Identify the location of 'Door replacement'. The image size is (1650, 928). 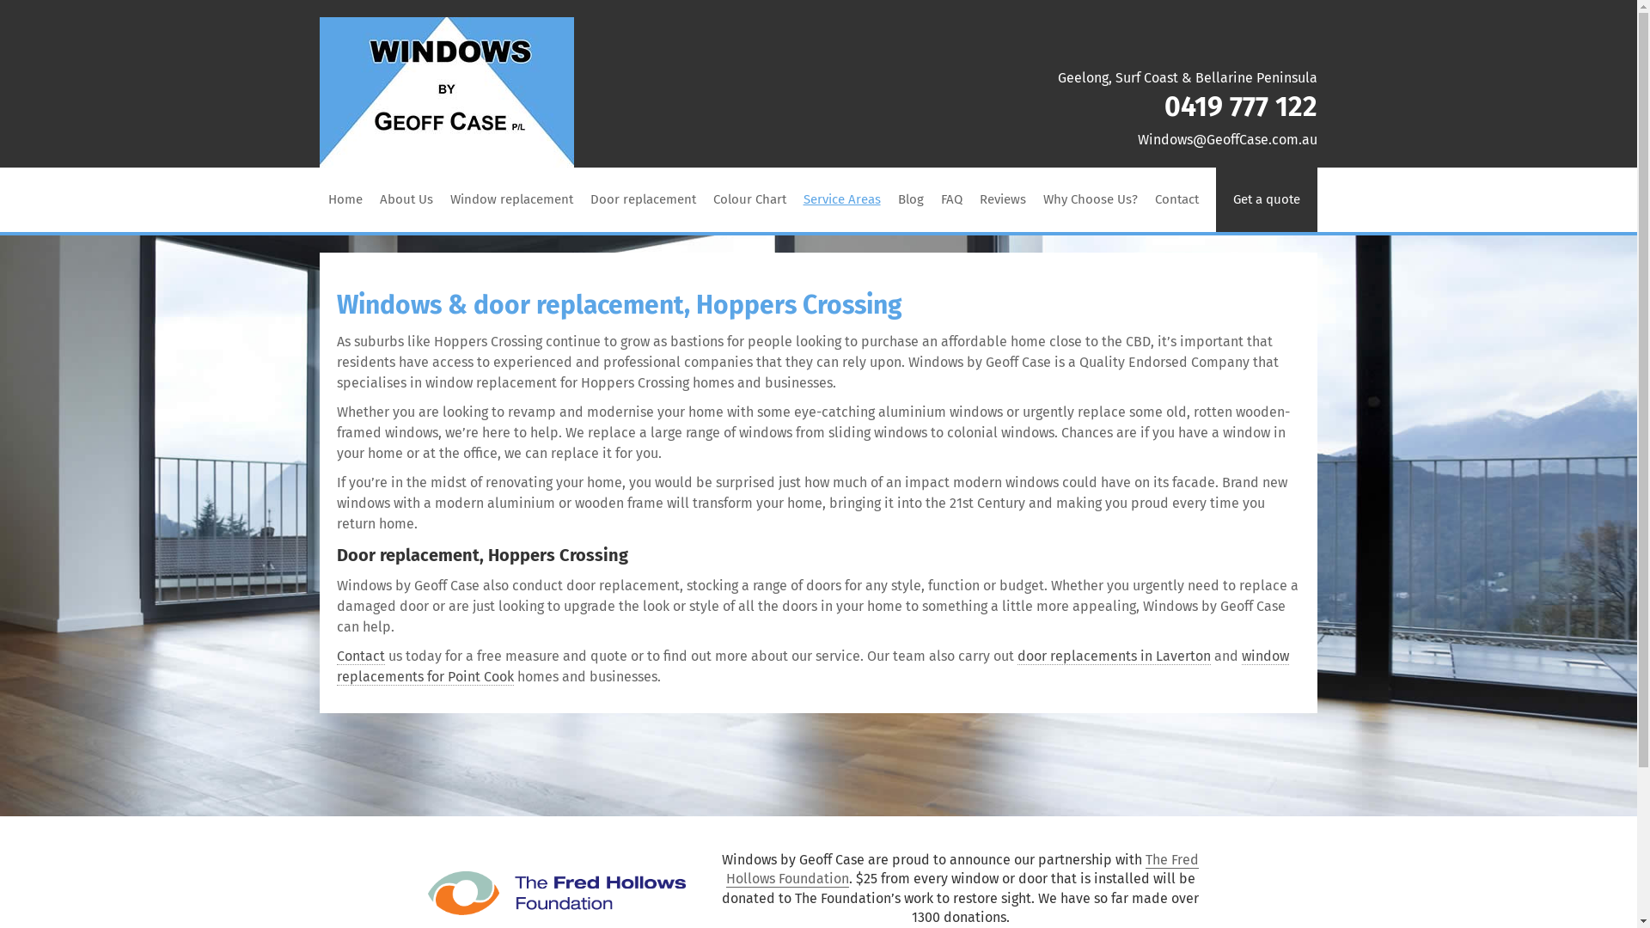
(581, 198).